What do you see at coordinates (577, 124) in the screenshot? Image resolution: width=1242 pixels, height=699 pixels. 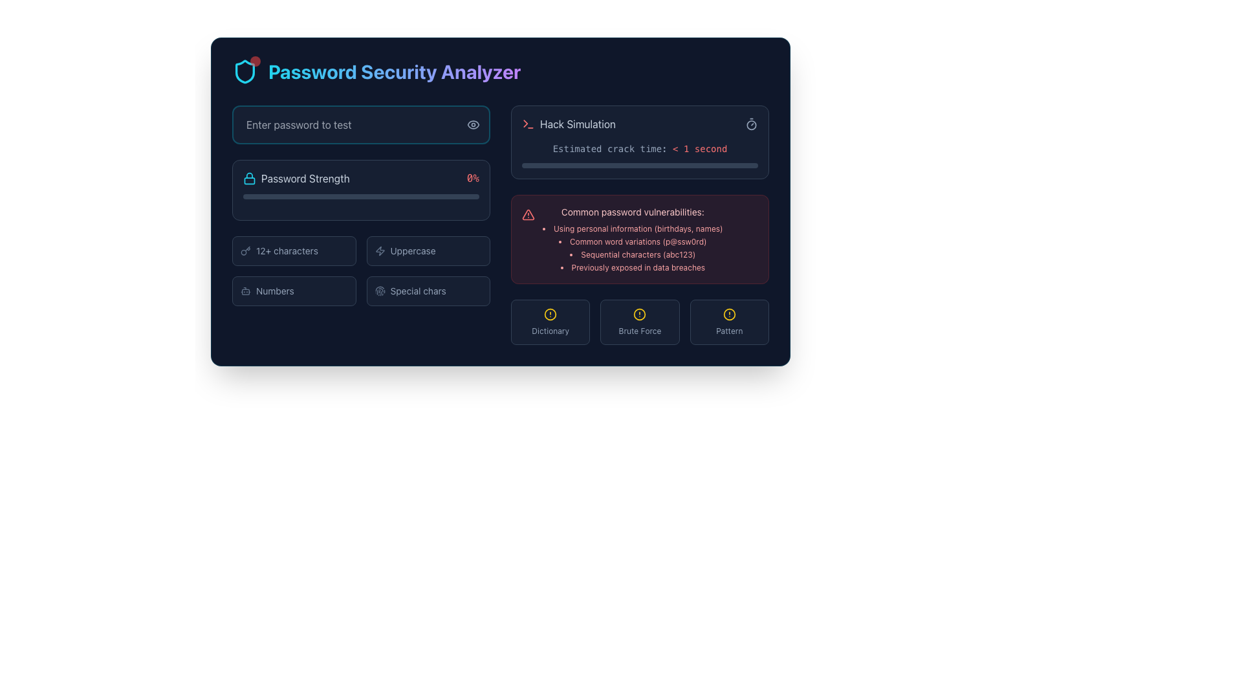 I see `the text label positioned in the upper-right area of the interface, which describes the context of the current functionality, likely related to a simulation or test feature` at bounding box center [577, 124].